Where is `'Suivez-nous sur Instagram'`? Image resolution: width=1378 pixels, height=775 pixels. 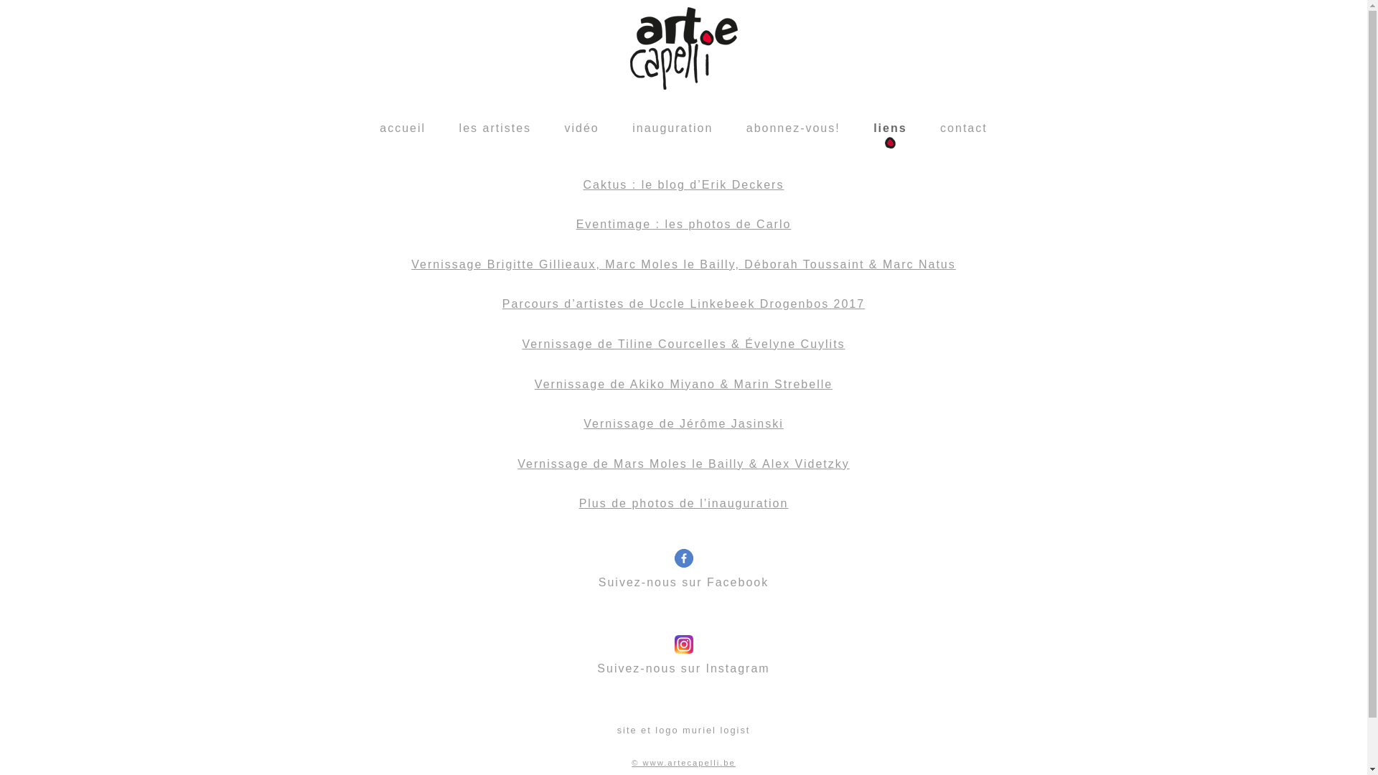 'Suivez-nous sur Instagram' is located at coordinates (683, 644).